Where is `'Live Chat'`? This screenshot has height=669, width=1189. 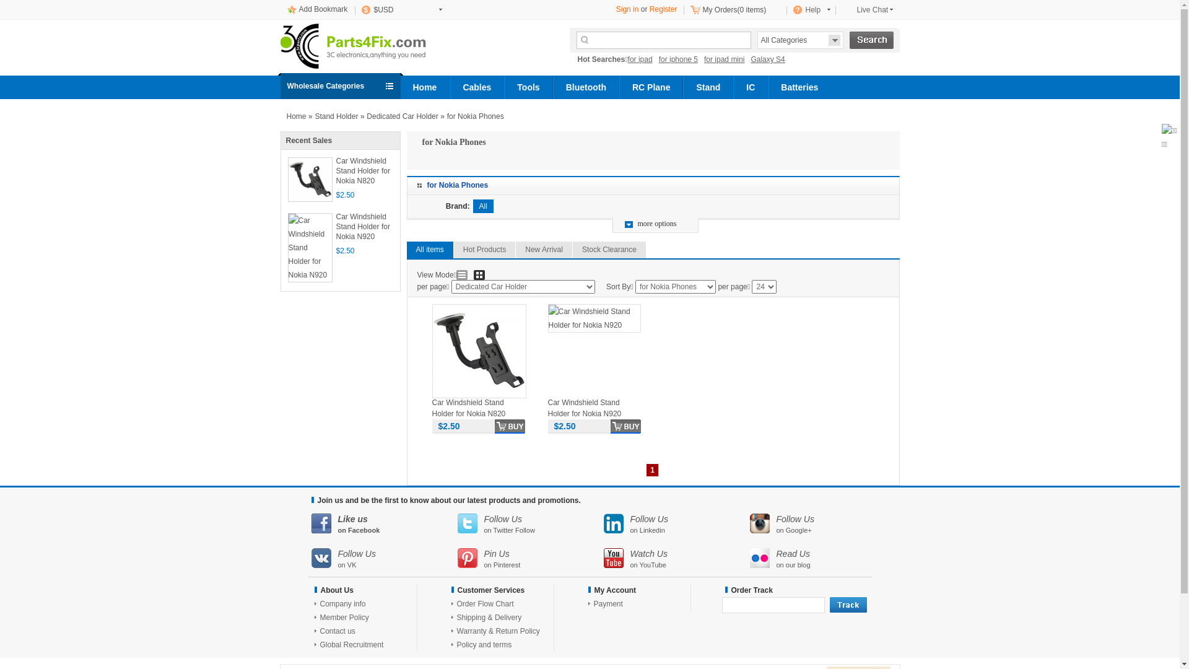 'Live Chat' is located at coordinates (866, 10).